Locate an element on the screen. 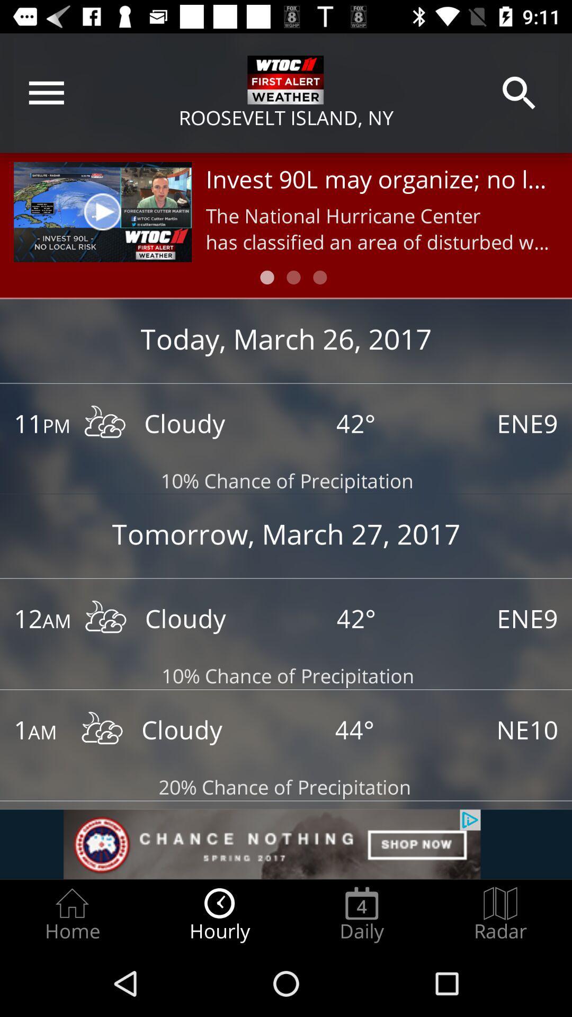  daily is located at coordinates (361, 914).